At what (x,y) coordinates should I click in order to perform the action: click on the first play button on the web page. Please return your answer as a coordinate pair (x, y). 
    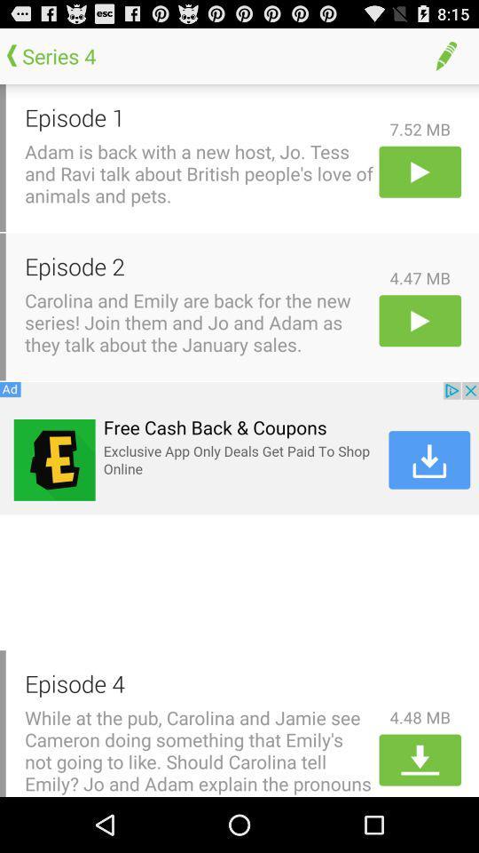
    Looking at the image, I should click on (420, 171).